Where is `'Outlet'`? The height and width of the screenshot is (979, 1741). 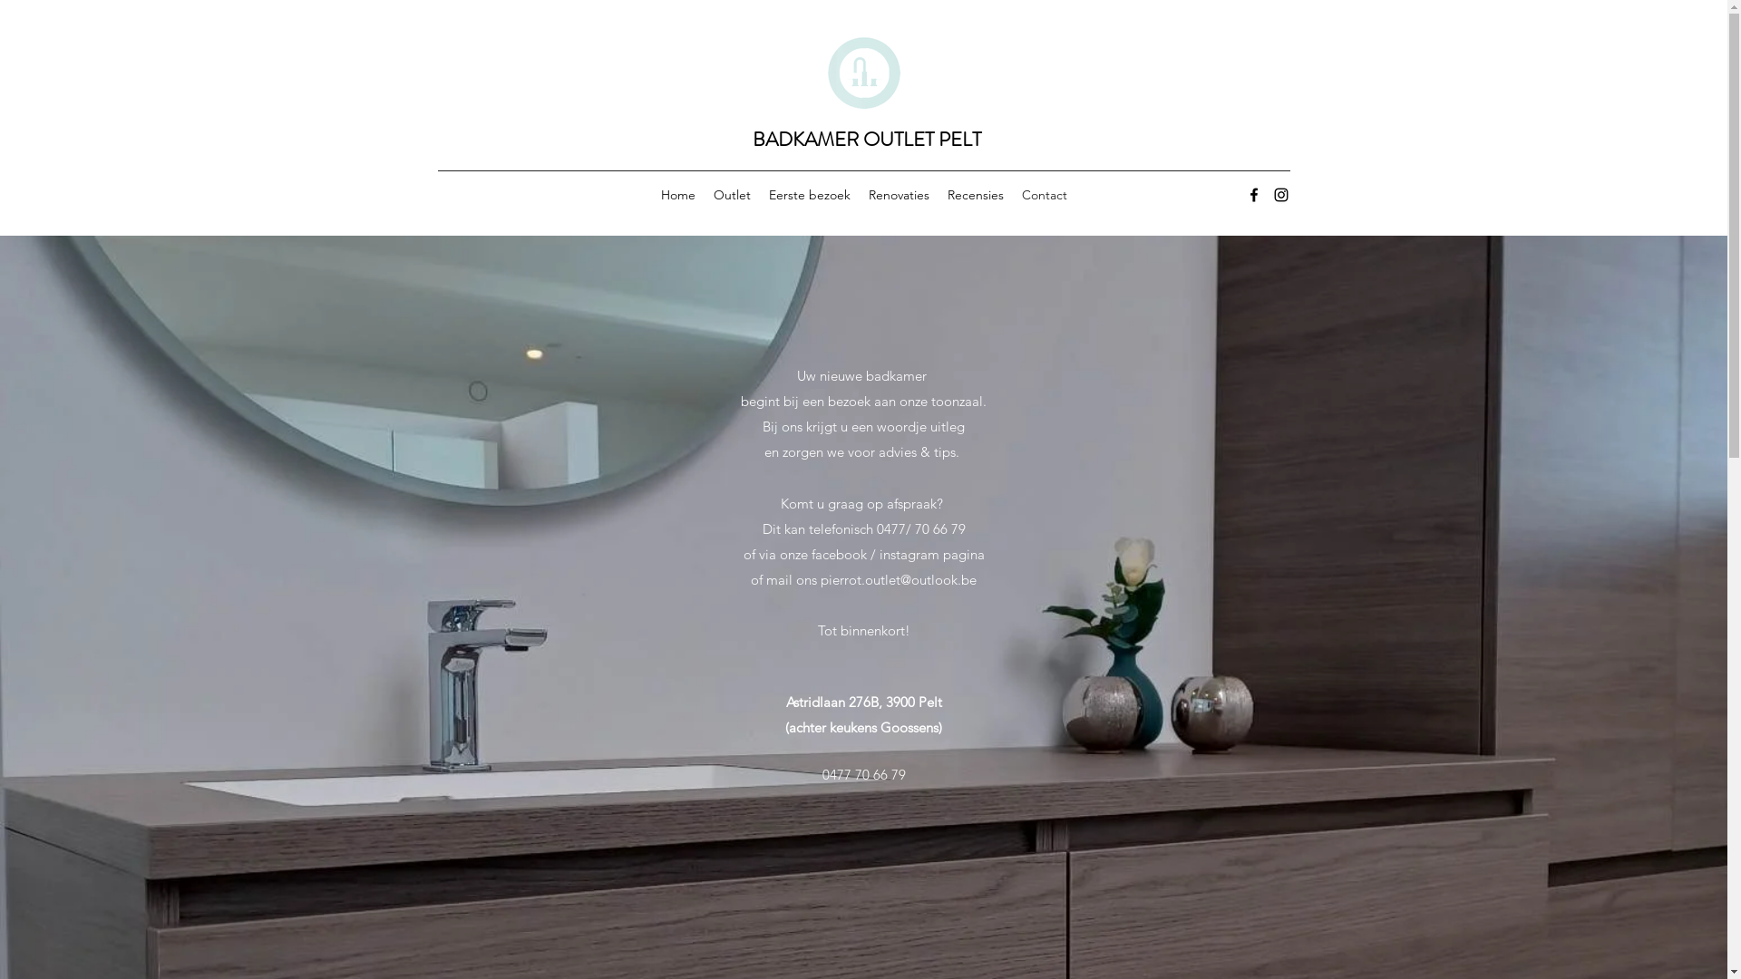 'Outlet' is located at coordinates (703, 195).